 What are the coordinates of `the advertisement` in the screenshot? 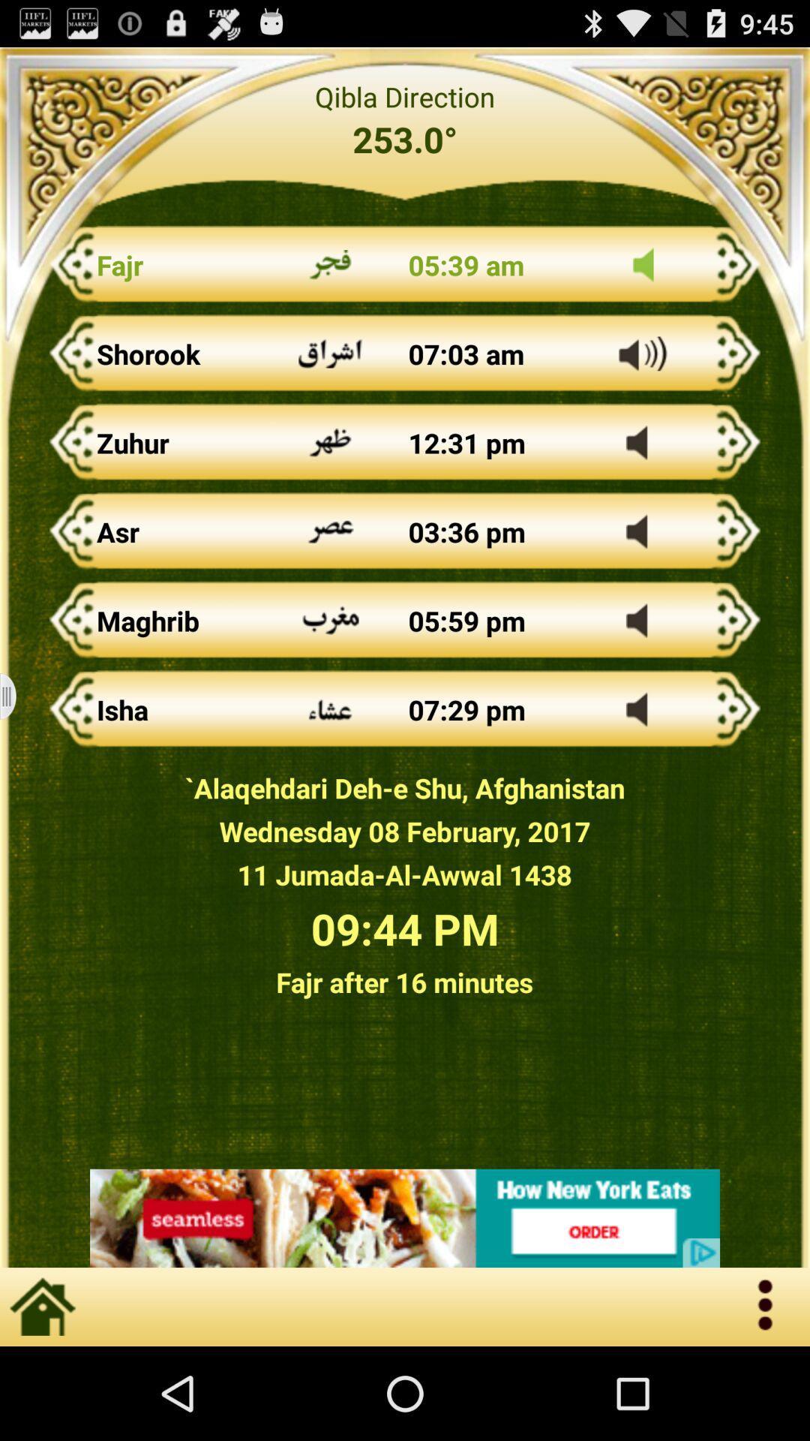 It's located at (405, 1218).